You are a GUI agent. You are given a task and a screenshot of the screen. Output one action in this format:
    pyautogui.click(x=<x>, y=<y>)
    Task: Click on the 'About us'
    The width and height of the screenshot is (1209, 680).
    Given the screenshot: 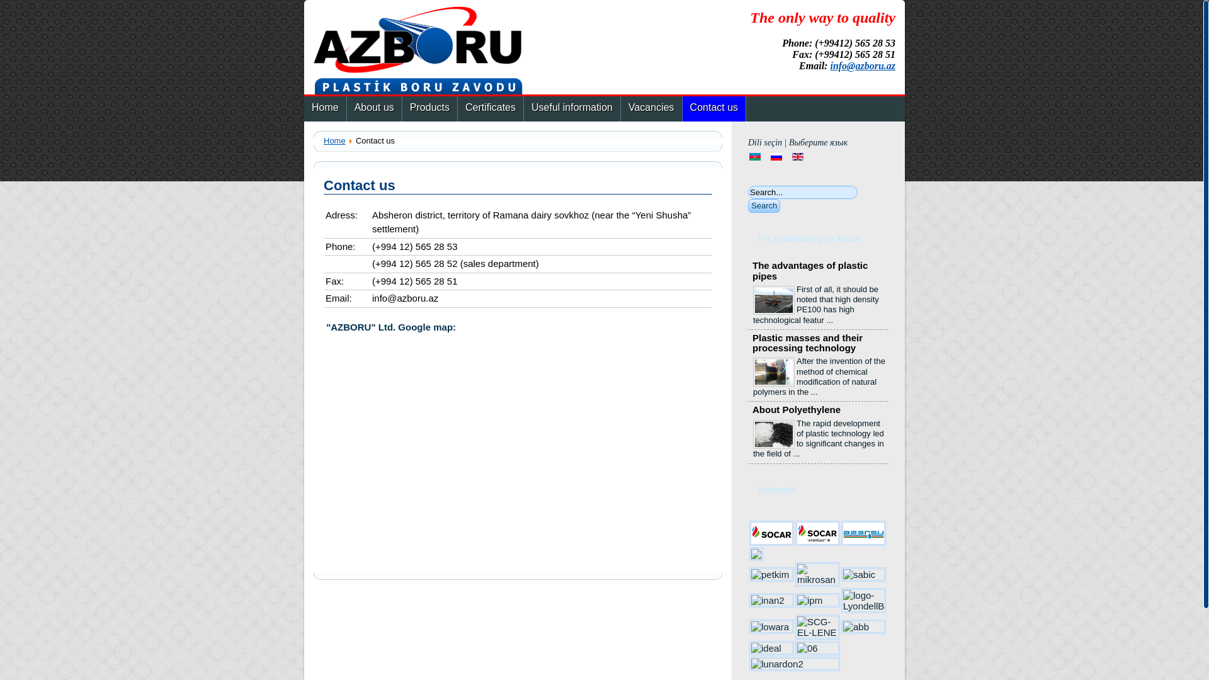 What is the action you would take?
    pyautogui.click(x=347, y=108)
    